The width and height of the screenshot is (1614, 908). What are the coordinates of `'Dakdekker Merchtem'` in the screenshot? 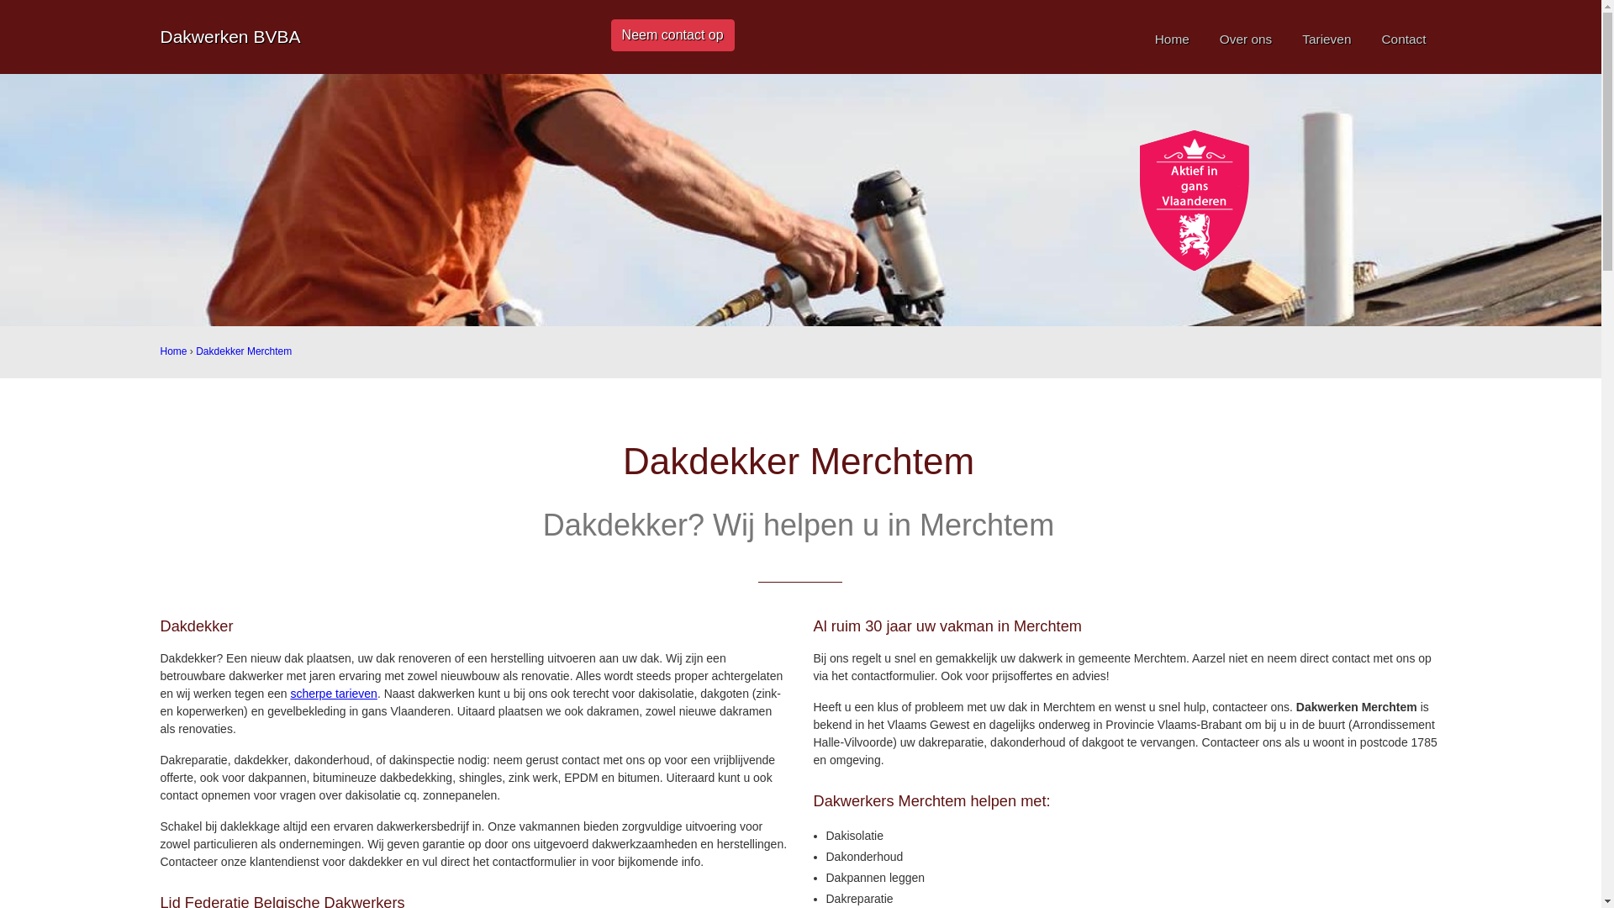 It's located at (196, 350).